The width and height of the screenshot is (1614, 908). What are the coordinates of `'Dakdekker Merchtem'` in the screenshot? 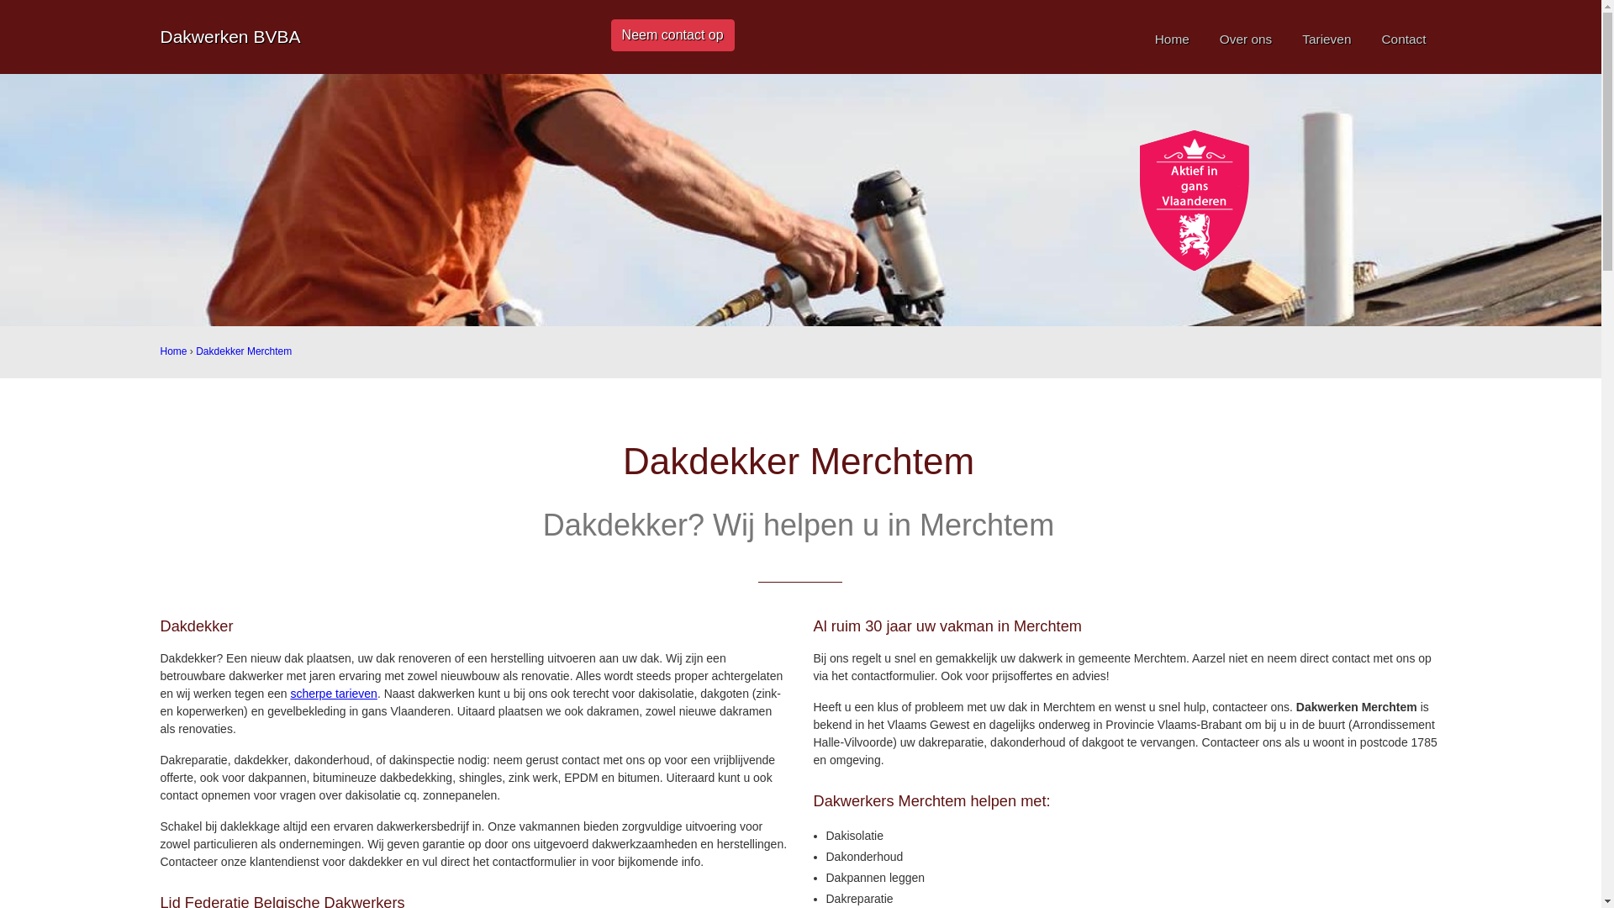 It's located at (196, 350).